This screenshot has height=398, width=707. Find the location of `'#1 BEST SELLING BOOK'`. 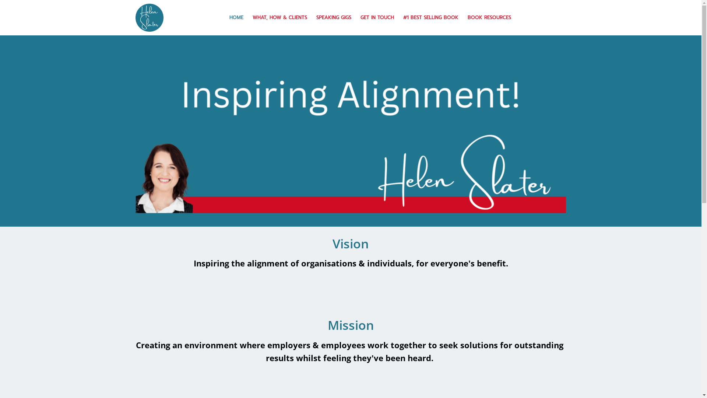

'#1 BEST SELLING BOOK' is located at coordinates (431, 17).